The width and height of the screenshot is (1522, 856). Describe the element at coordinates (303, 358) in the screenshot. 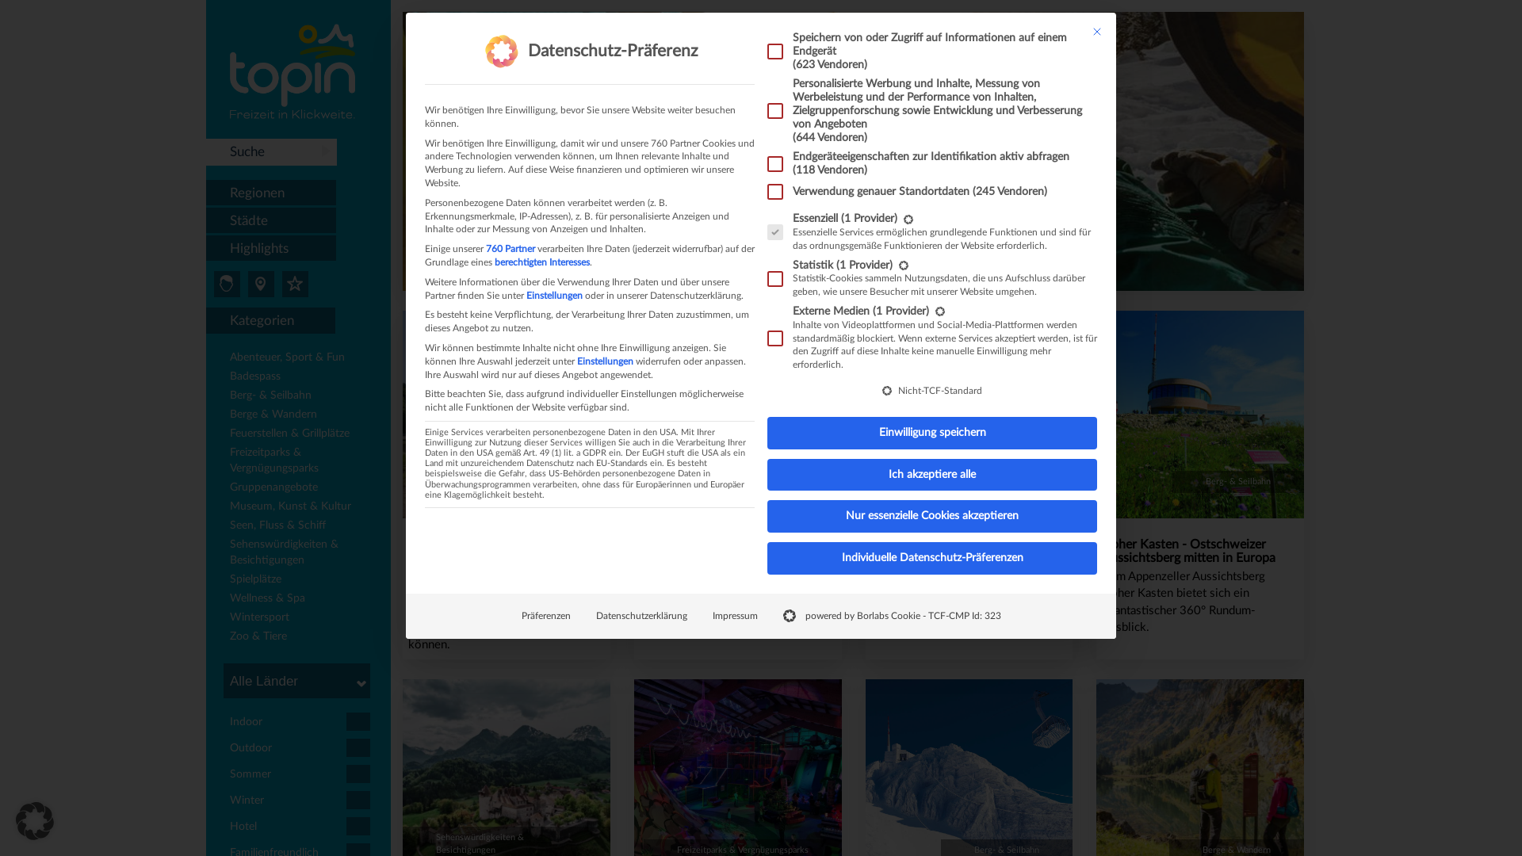

I see `'Abenteuer, Sport & Fun'` at that location.